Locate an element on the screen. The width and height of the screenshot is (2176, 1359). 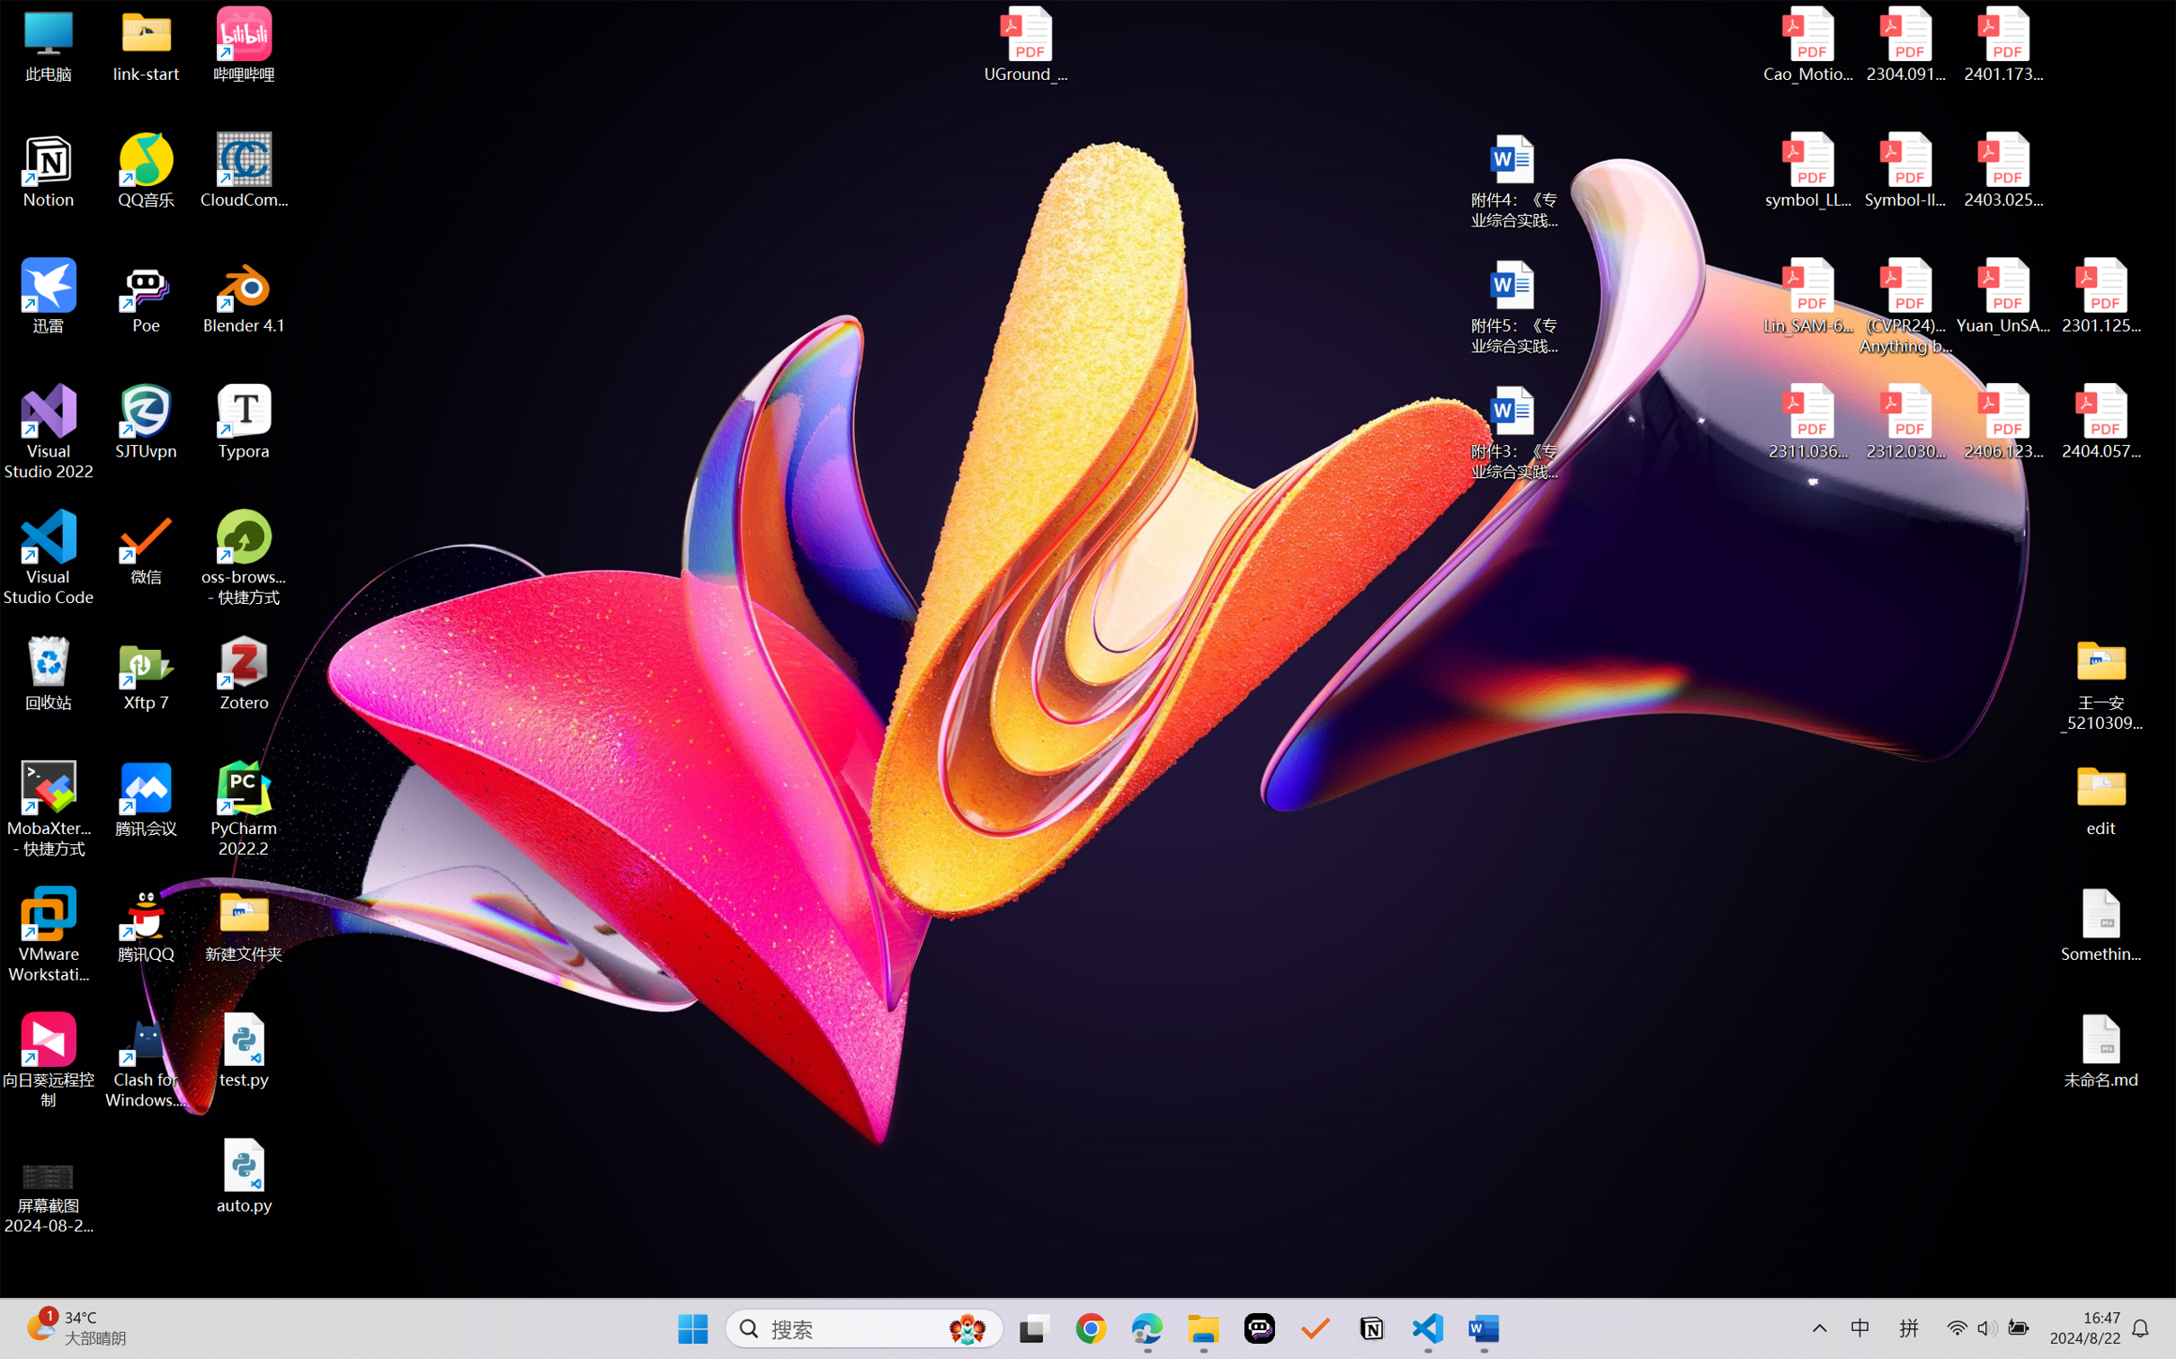
'2301.12597v3.pdf' is located at coordinates (2100, 295).